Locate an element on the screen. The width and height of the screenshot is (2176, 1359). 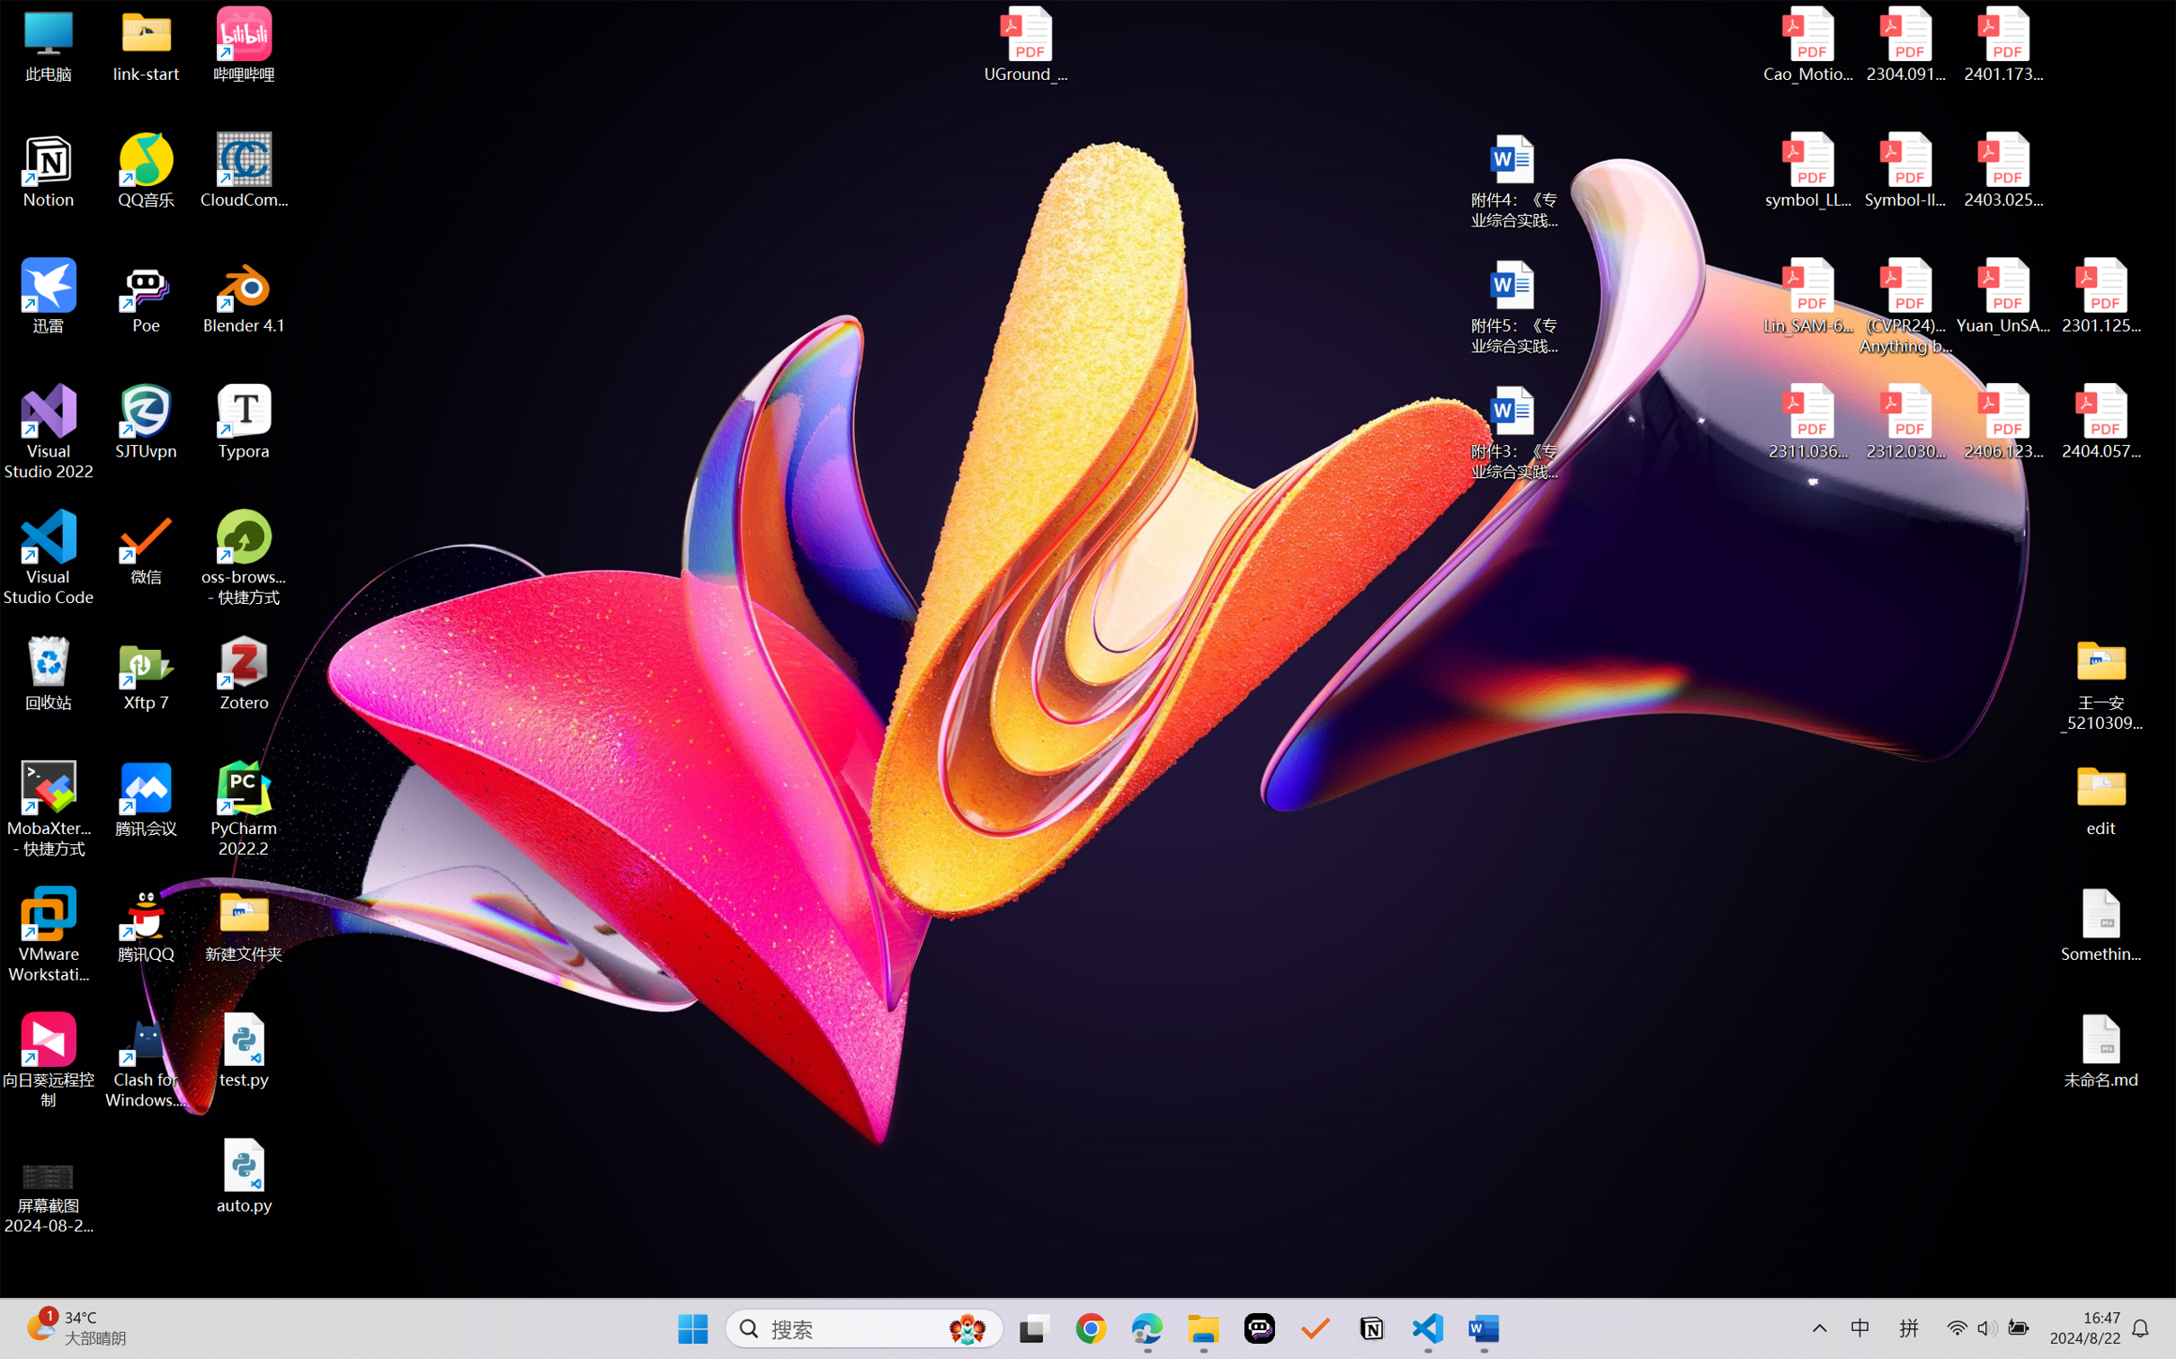
'2301.12597v3.pdf' is located at coordinates (2100, 295).